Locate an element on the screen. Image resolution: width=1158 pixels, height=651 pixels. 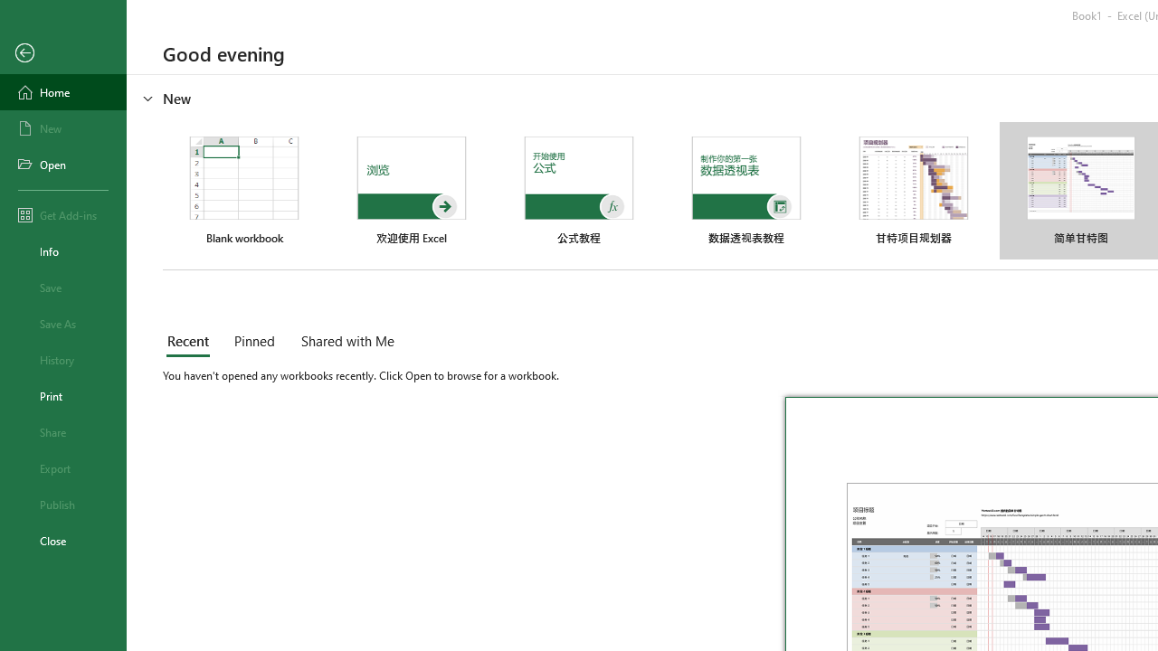
'Close' is located at coordinates (62, 539).